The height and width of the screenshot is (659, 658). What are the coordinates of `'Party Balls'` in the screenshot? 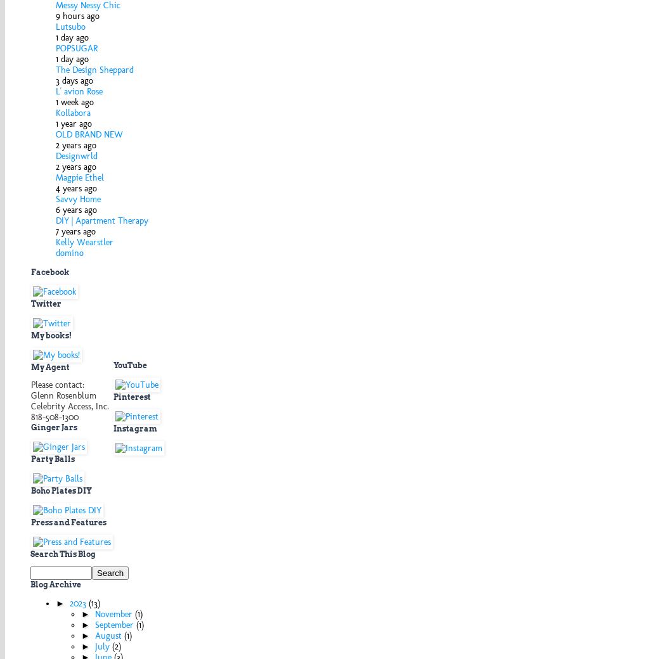 It's located at (52, 458).